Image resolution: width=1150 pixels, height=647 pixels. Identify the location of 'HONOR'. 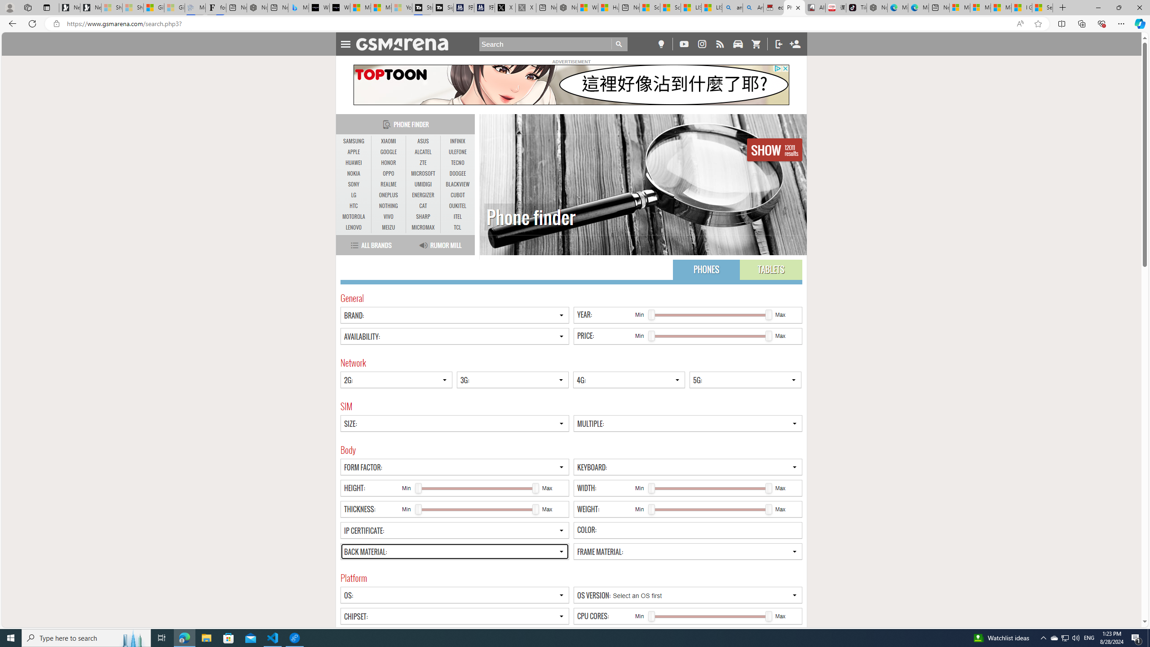
(388, 162).